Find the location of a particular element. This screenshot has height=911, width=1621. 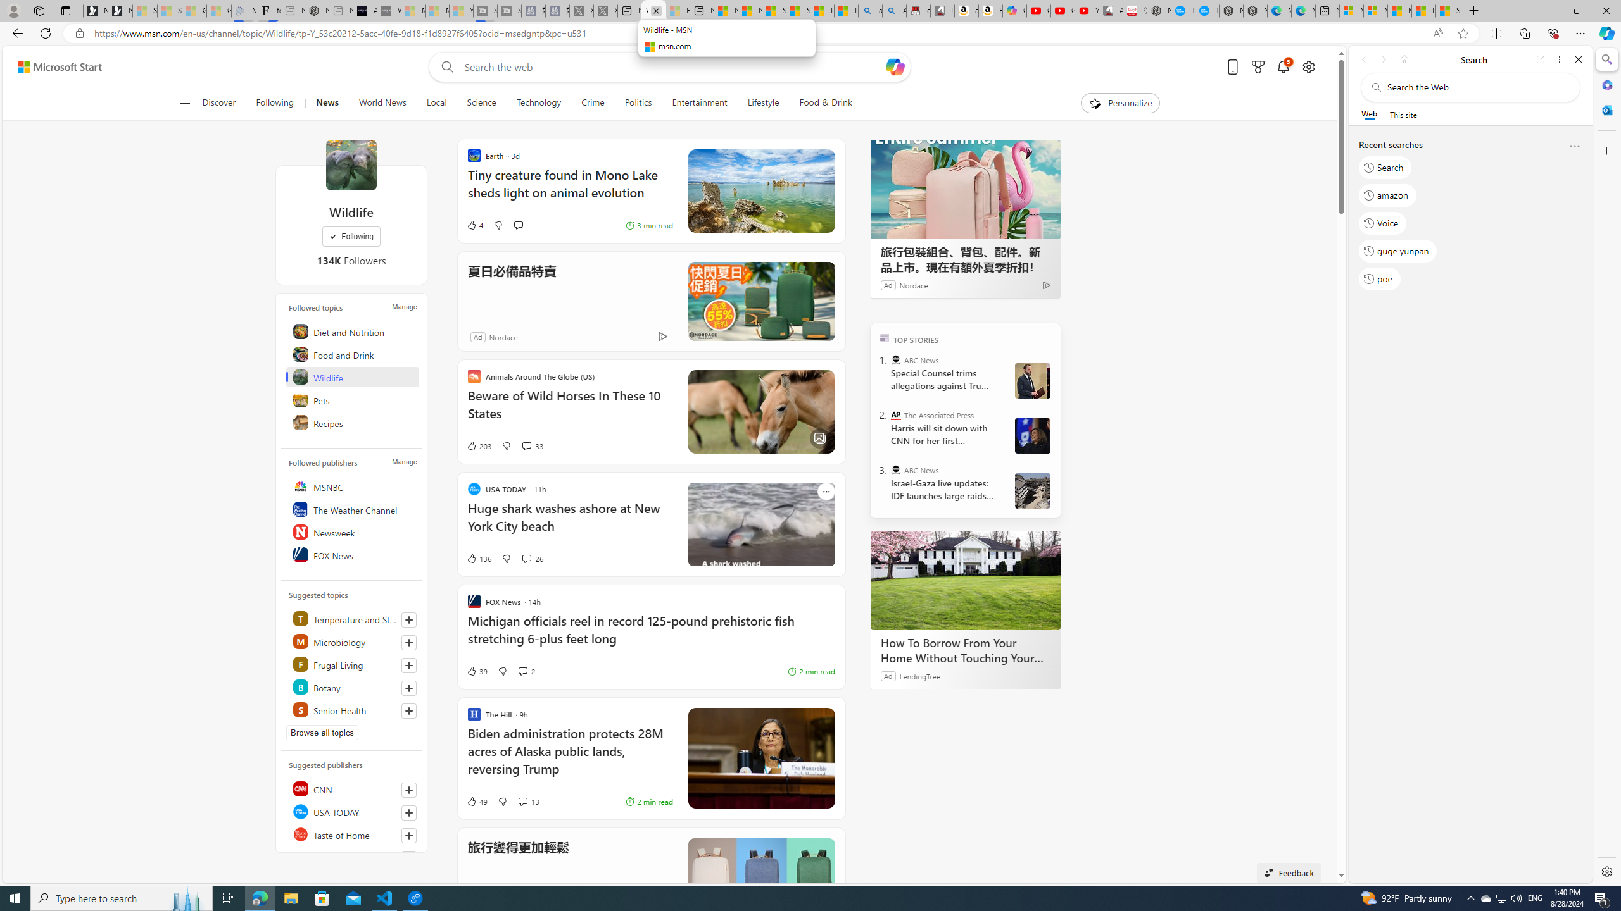

'Manage' is located at coordinates (403, 461).